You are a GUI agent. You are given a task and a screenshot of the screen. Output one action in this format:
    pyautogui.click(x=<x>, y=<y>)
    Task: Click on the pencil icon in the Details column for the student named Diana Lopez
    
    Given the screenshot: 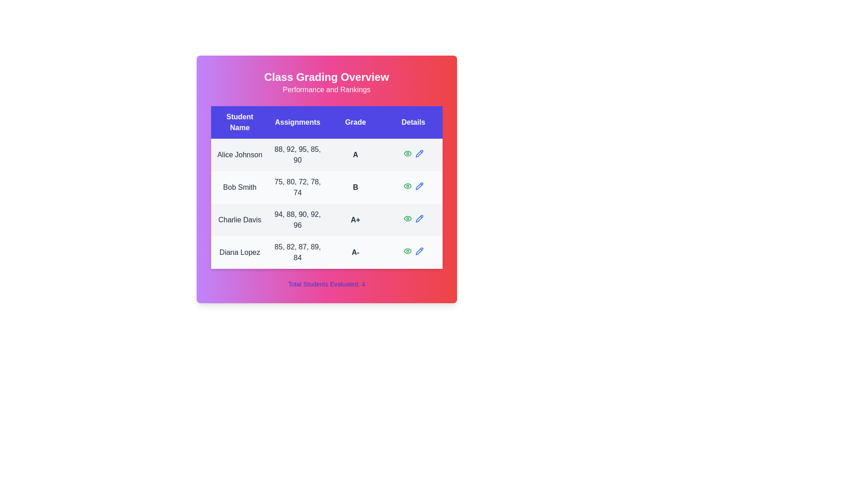 What is the action you would take?
    pyautogui.click(x=419, y=251)
    